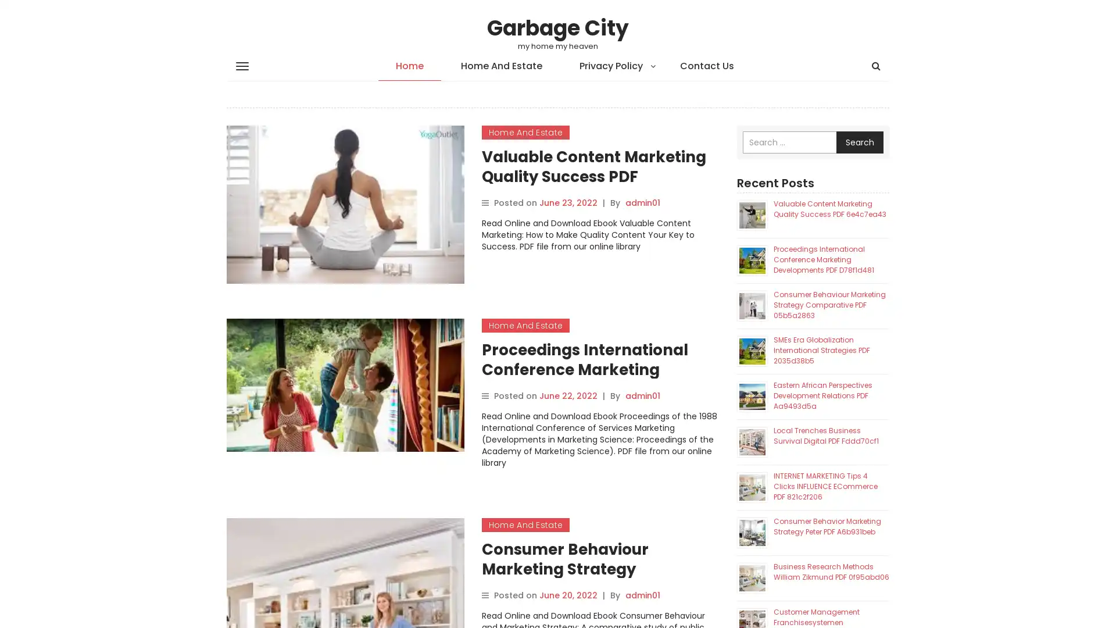 The image size is (1116, 628). What do you see at coordinates (860, 142) in the screenshot?
I see `Search` at bounding box center [860, 142].